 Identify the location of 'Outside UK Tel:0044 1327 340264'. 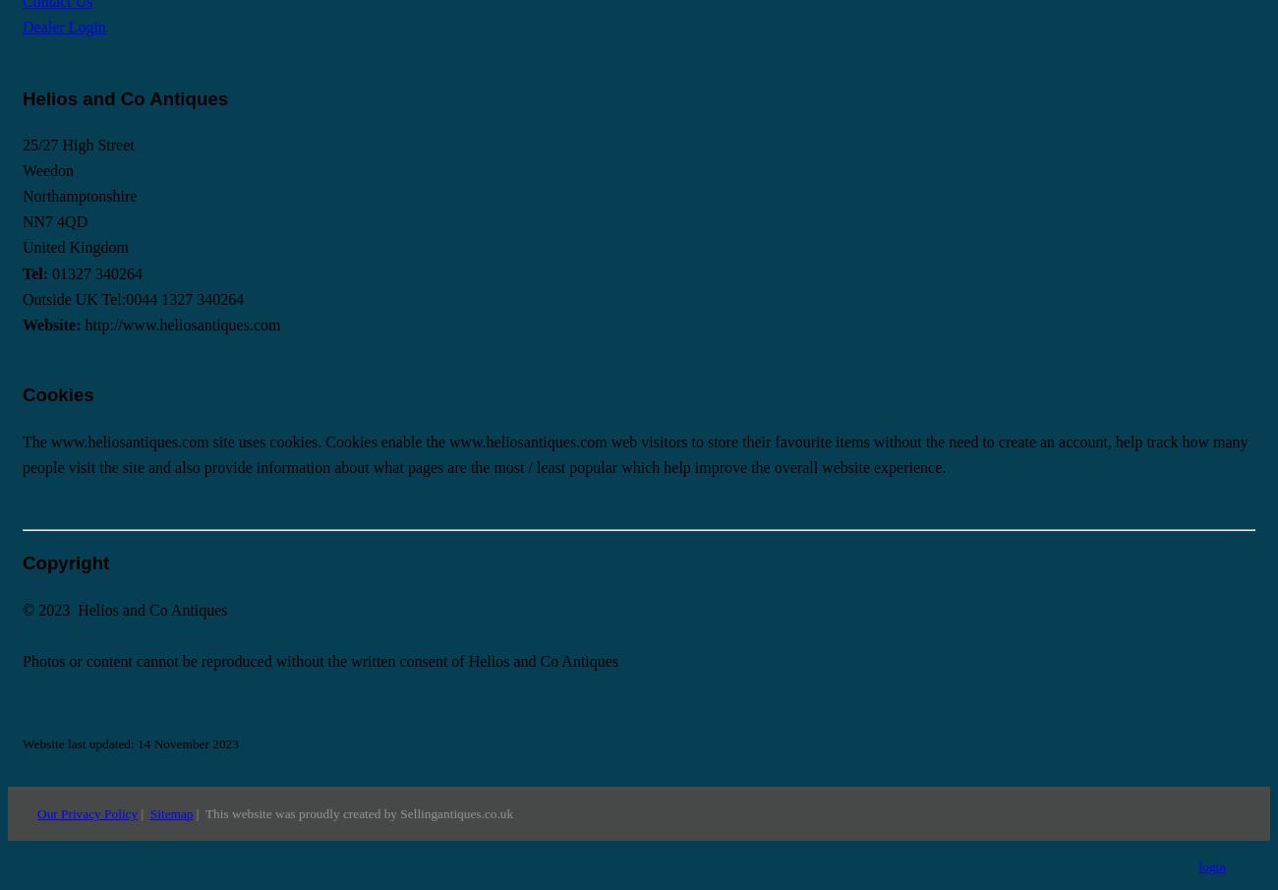
(132, 297).